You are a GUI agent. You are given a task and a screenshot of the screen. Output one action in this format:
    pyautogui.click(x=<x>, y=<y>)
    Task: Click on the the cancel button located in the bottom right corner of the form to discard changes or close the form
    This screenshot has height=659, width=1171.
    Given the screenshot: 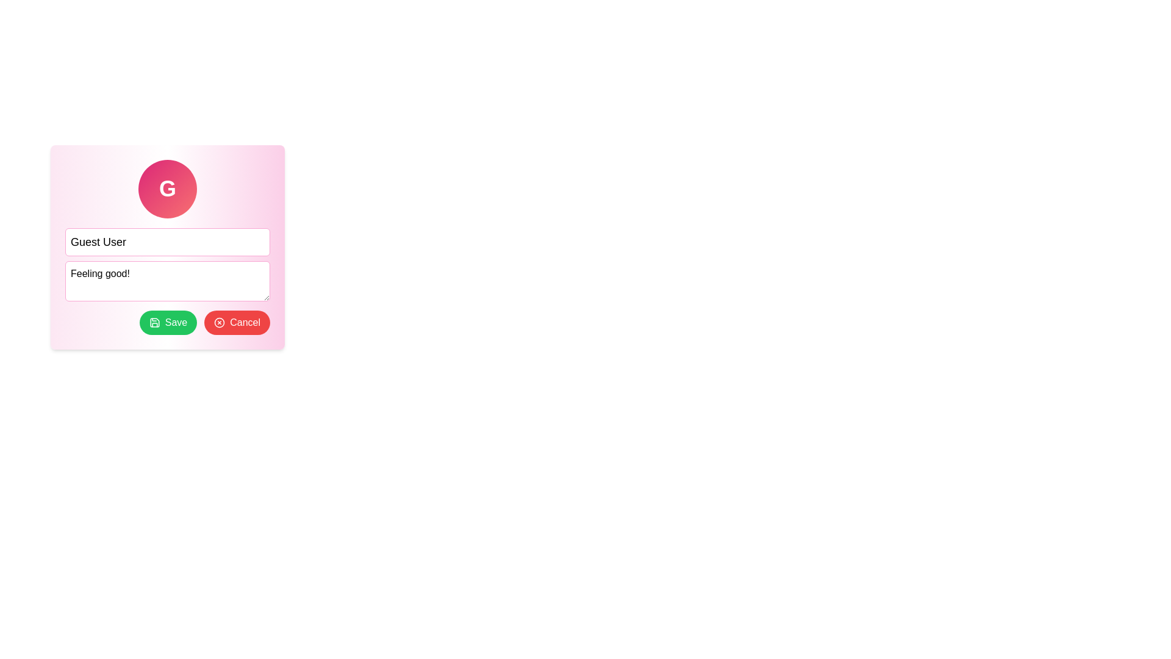 What is the action you would take?
    pyautogui.click(x=245, y=322)
    